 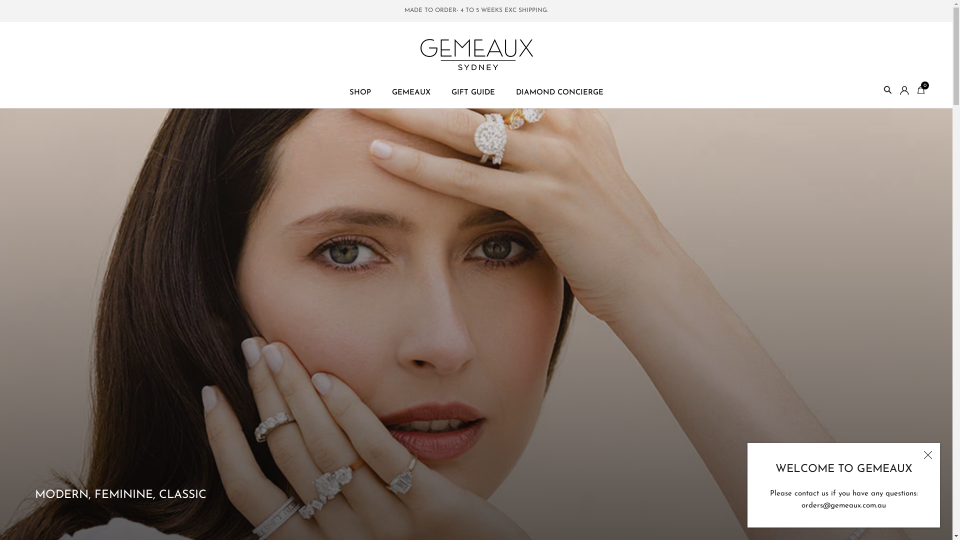 I want to click on 'GEMEAUX, so click(x=411, y=92).